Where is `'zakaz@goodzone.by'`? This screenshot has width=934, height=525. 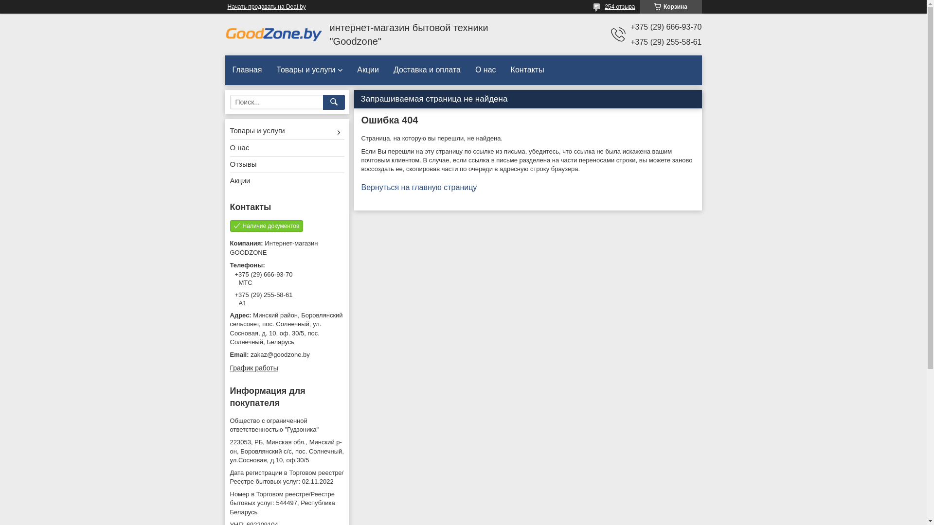 'zakaz@goodzone.by' is located at coordinates (286, 354).